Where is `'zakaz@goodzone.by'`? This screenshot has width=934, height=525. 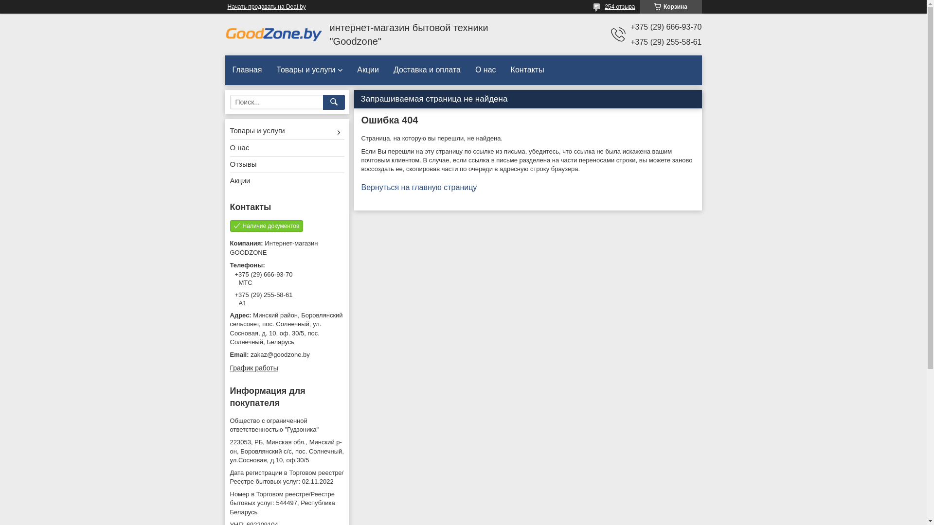 'zakaz@goodzone.by' is located at coordinates (286, 354).